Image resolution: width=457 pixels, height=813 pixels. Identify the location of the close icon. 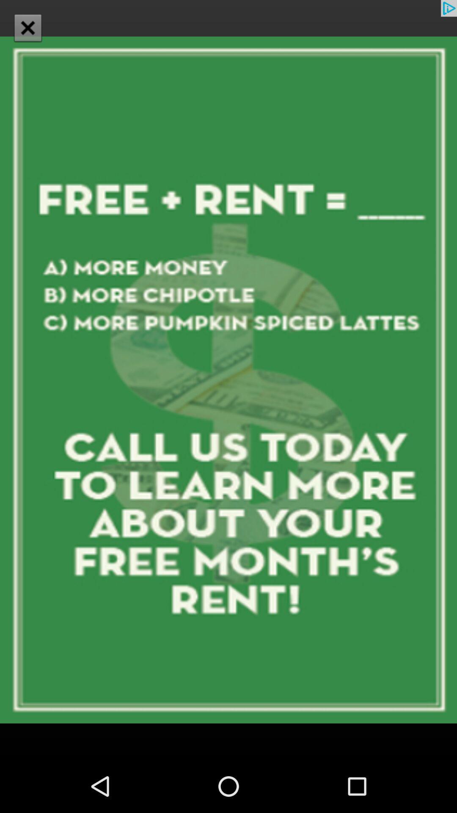
(39, 41).